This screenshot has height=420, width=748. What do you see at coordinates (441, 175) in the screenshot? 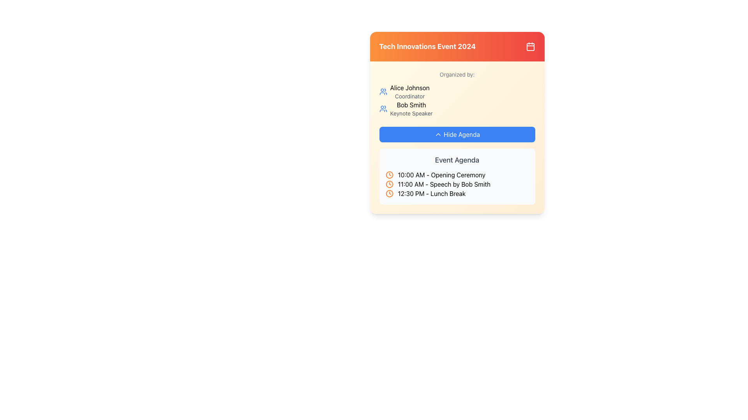
I see `the text label displaying '10:00 AM - Opening Ceremony' in the 'Event Agenda' section, which is the first item in the list adjacent to a clock icon` at bounding box center [441, 175].